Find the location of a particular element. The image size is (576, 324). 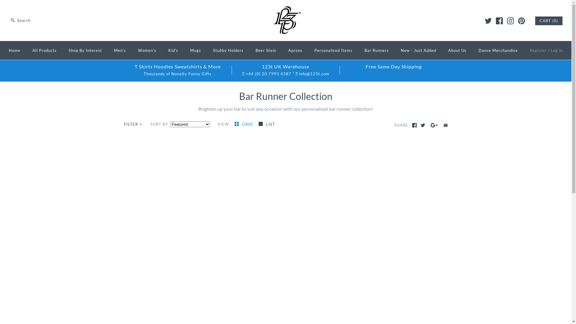

'123t UK - T-Shirts & Hoodies' is located at coordinates (286, 10).